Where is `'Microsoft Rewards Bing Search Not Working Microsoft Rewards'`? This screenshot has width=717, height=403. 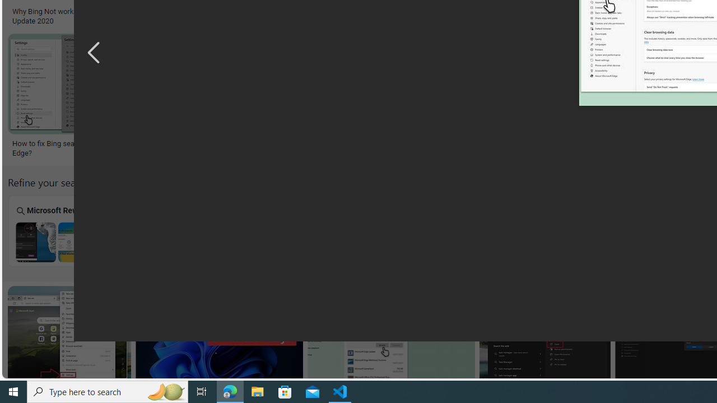
'Microsoft Rewards Bing Search Not Working Microsoft Rewards' is located at coordinates (56, 230).